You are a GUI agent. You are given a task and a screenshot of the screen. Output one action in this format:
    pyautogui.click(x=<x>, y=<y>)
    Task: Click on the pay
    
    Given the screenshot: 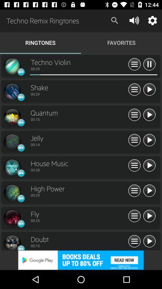 What is the action you would take?
    pyautogui.click(x=149, y=191)
    